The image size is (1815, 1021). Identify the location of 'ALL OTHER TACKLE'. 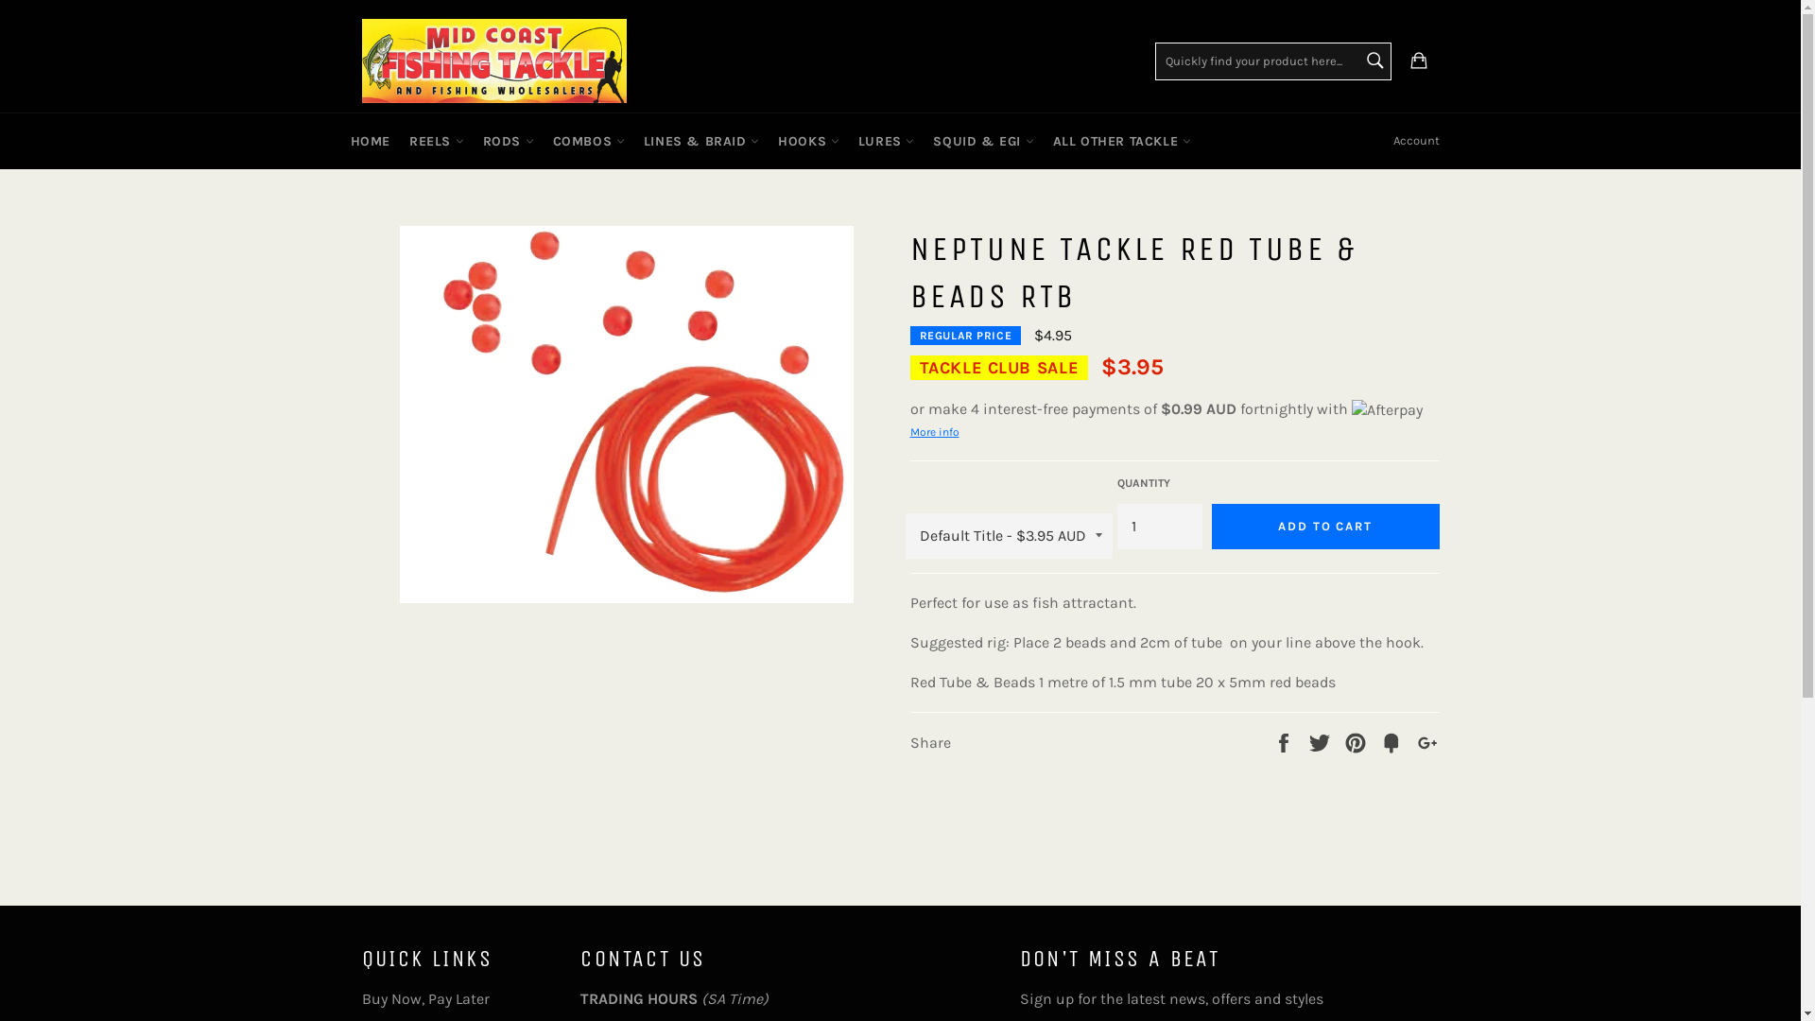
(1044, 140).